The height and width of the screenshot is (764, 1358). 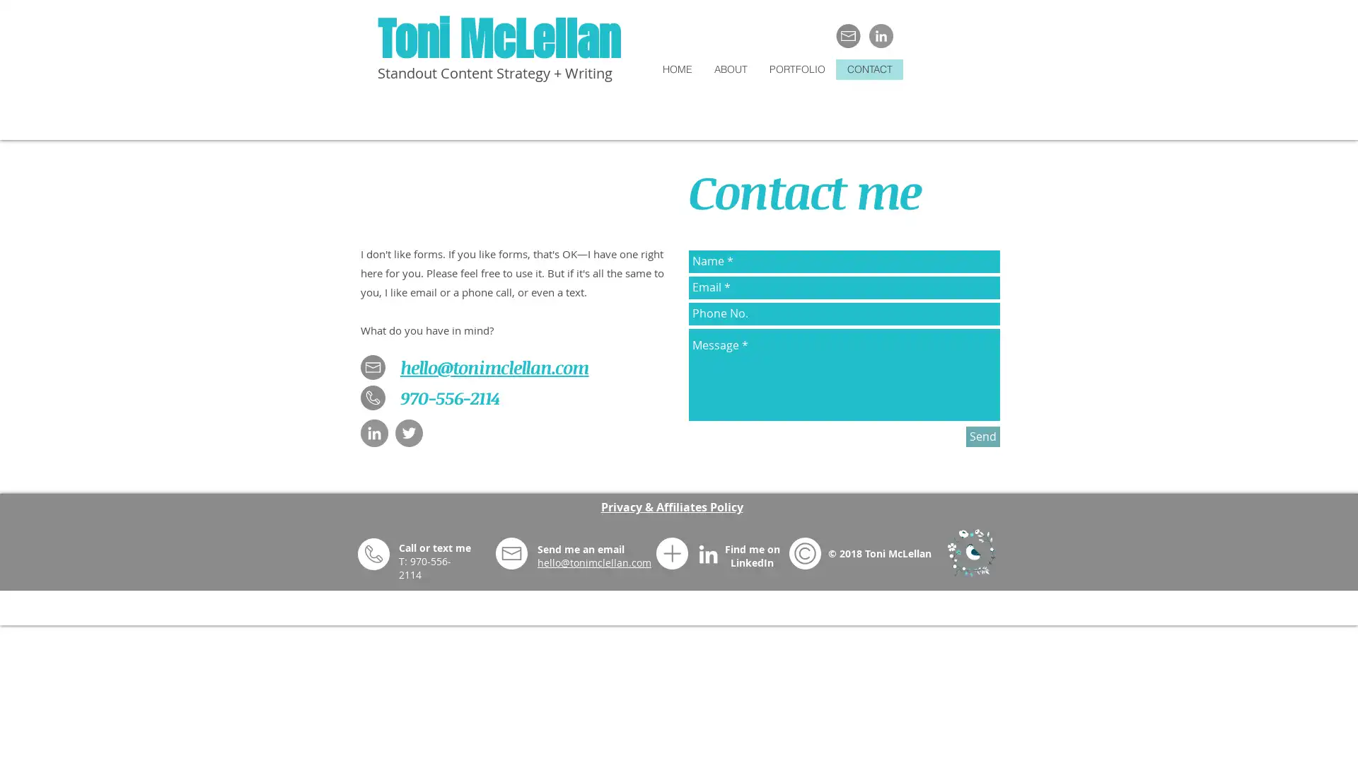 I want to click on Send, so click(x=982, y=435).